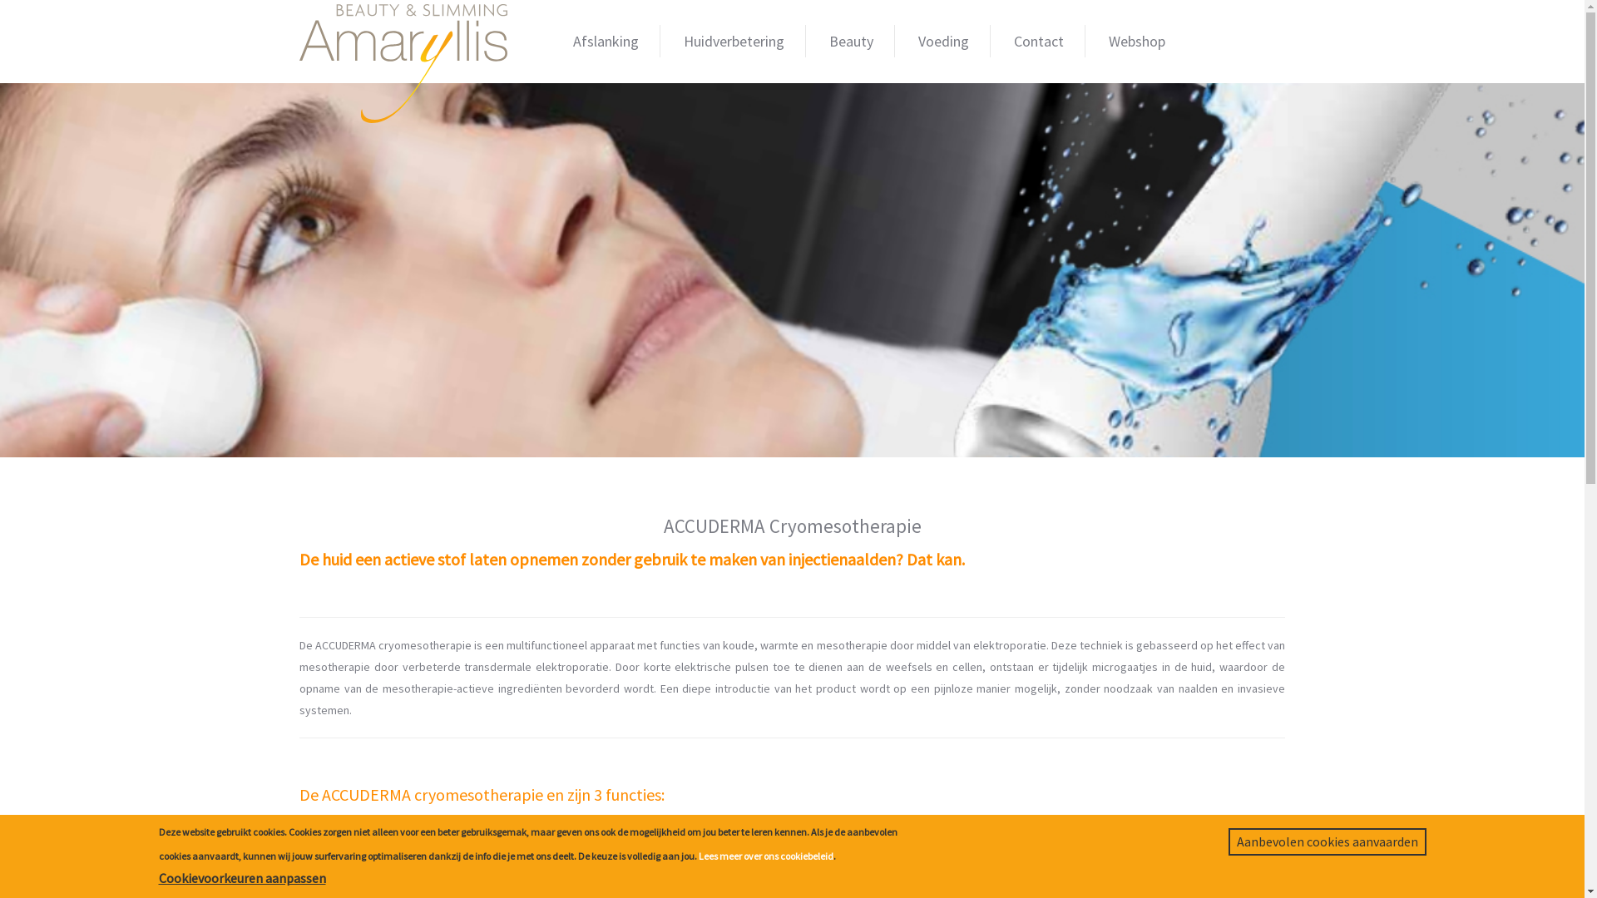 Image resolution: width=1597 pixels, height=898 pixels. Describe the element at coordinates (661, 40) in the screenshot. I see `'Huidverbetering'` at that location.